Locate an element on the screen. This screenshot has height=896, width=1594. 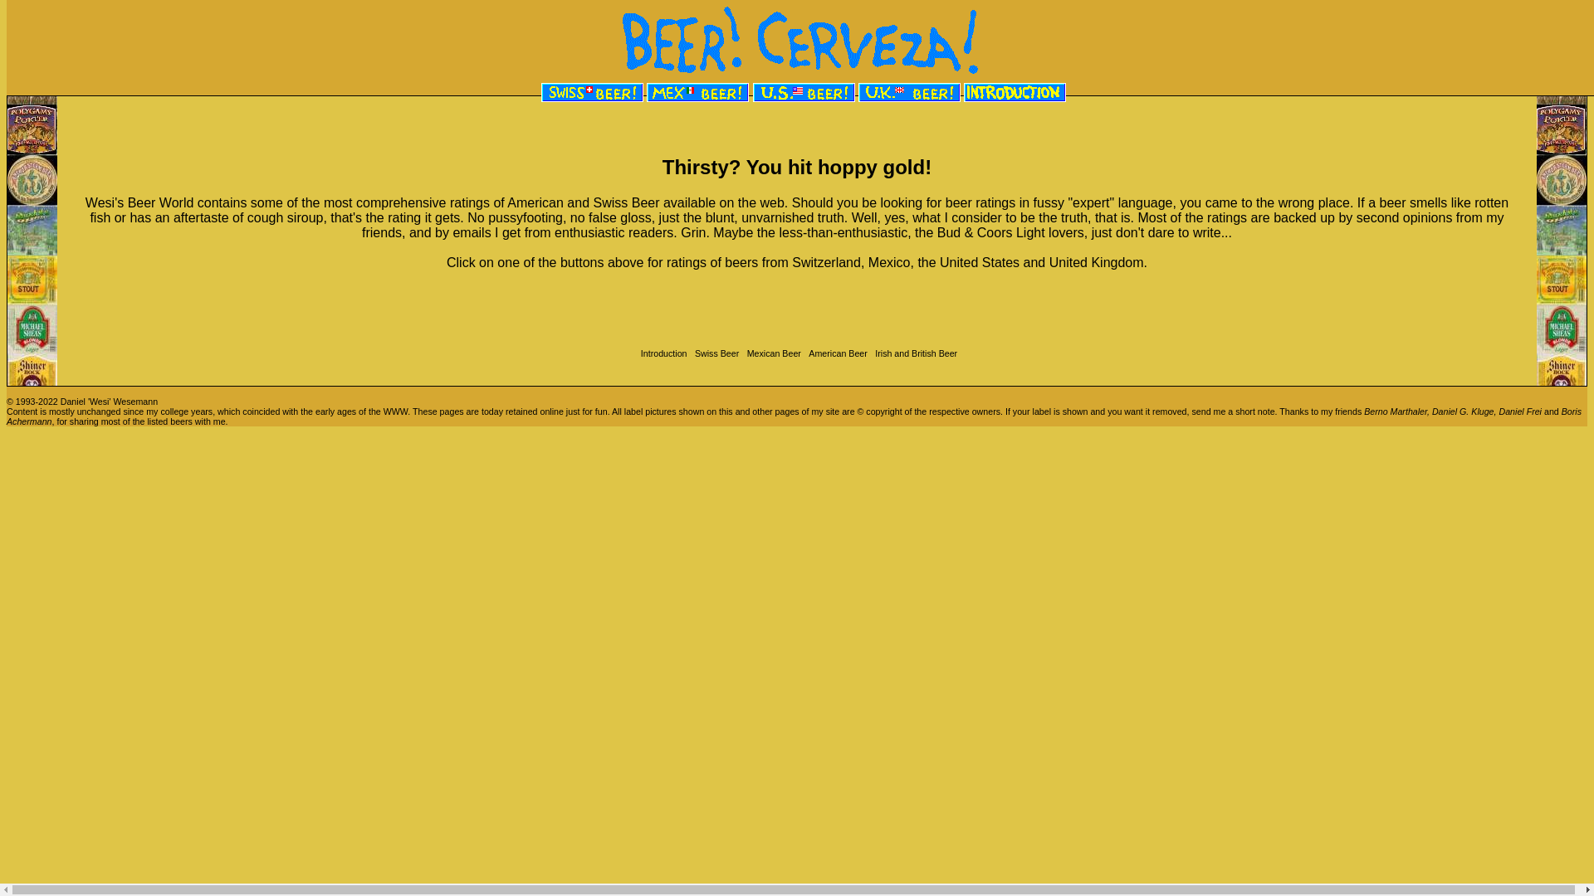
'American Beer' is located at coordinates (835, 352).